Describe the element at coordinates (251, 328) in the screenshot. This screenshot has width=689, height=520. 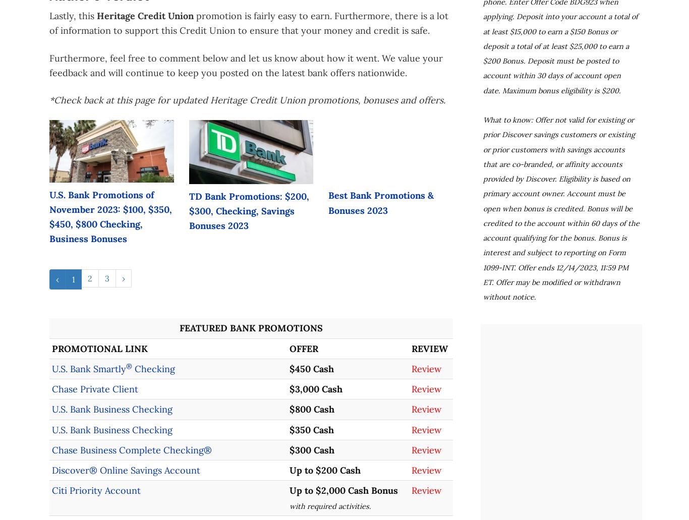
I see `'FEATURED BANK PROMOTIONS'` at that location.